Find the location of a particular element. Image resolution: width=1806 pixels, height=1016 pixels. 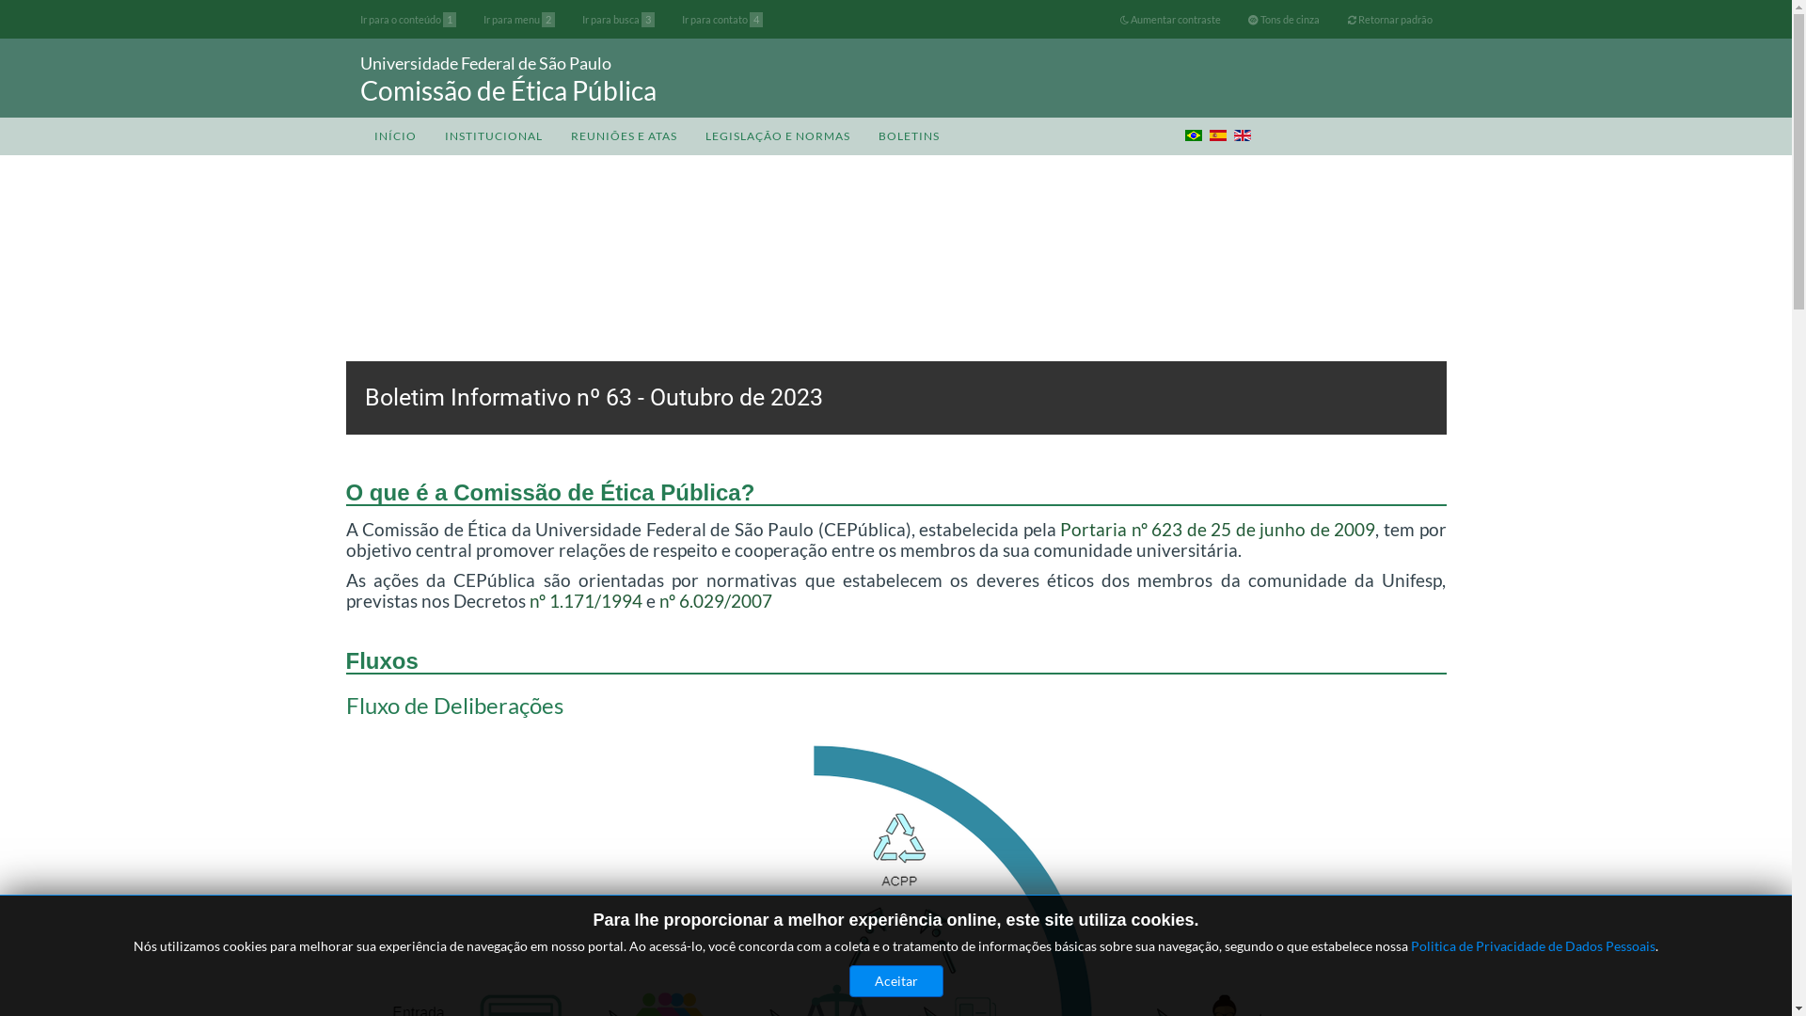

'Espanhol (ES)' is located at coordinates (1210, 134).